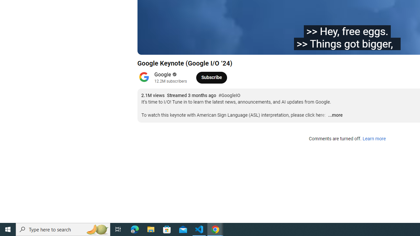 The height and width of the screenshot is (236, 420). Describe the element at coordinates (335, 115) in the screenshot. I see `'...more'` at that location.